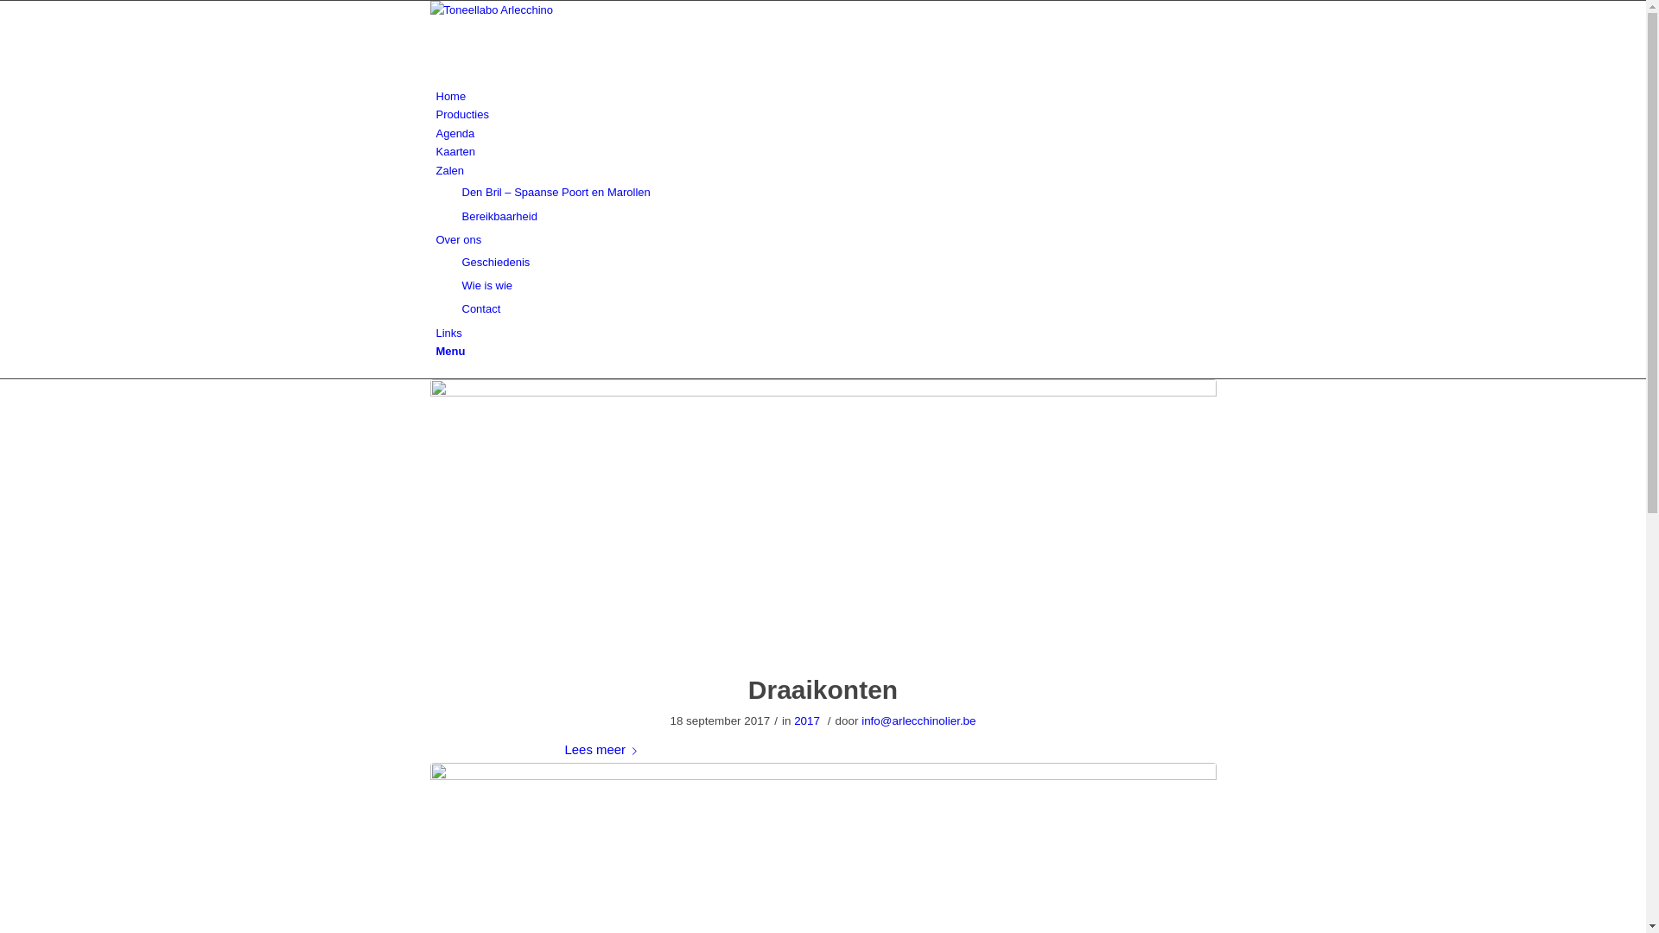  I want to click on 'Lees meer', so click(605, 749).